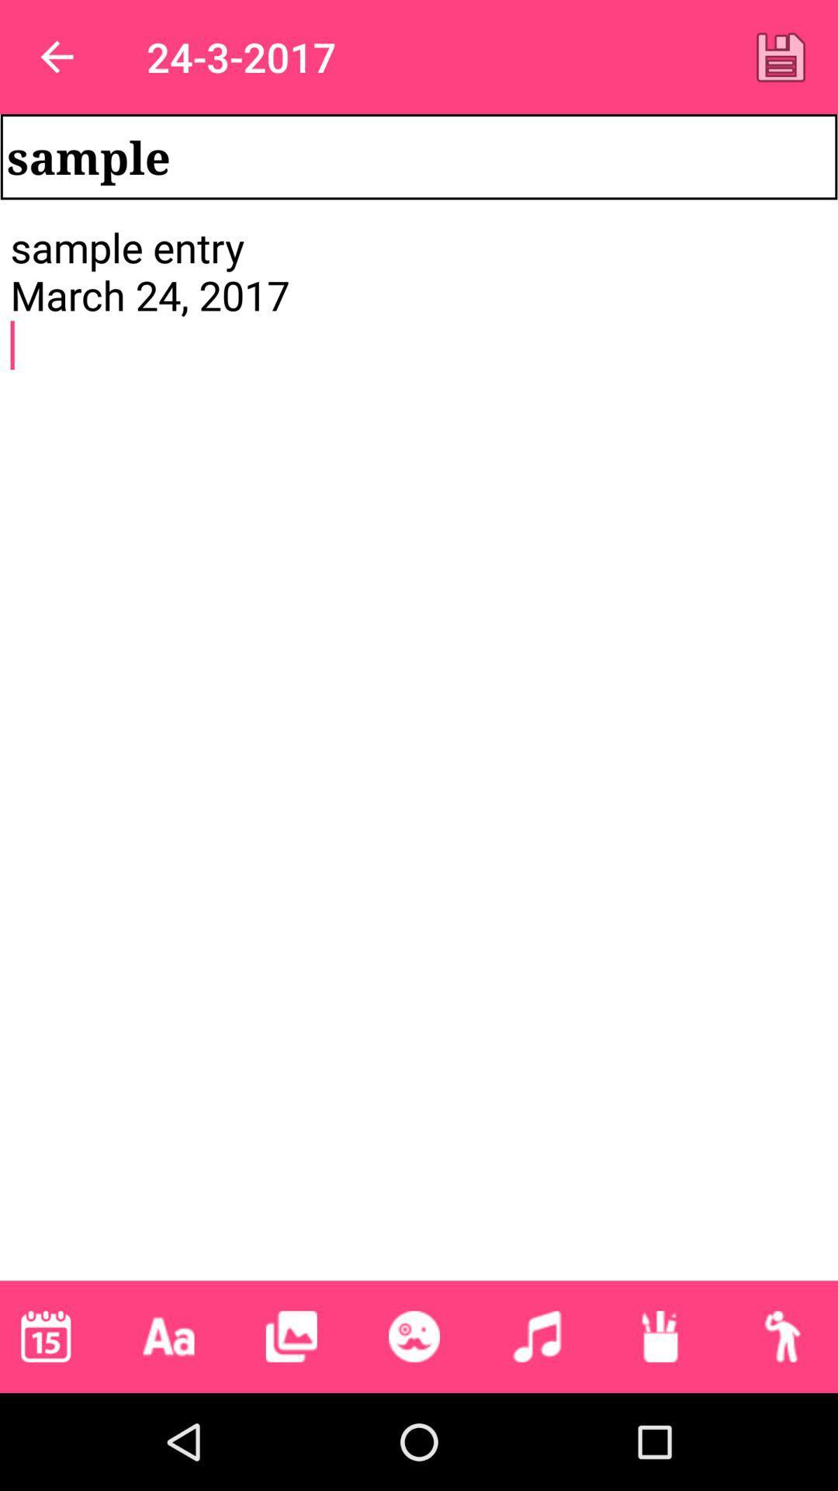  What do you see at coordinates (45, 1336) in the screenshot?
I see `calendar access menu` at bounding box center [45, 1336].